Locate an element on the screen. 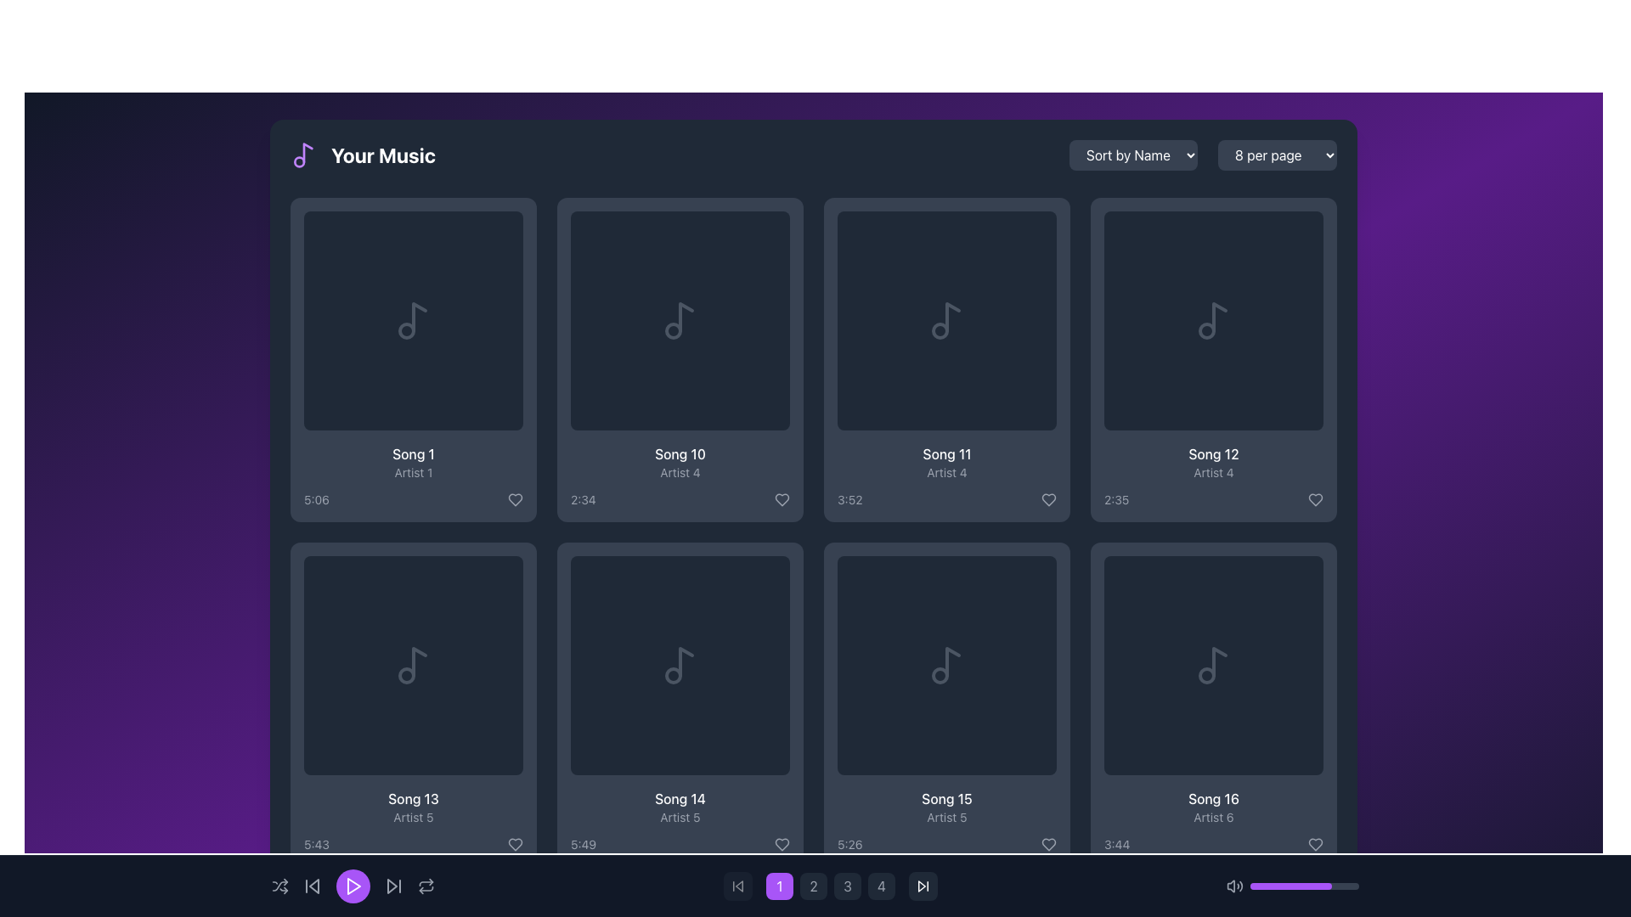  the heart-shaped icon with a dark gray outline located at the bottom-right corner of the Song 16 card is located at coordinates (1315, 845).